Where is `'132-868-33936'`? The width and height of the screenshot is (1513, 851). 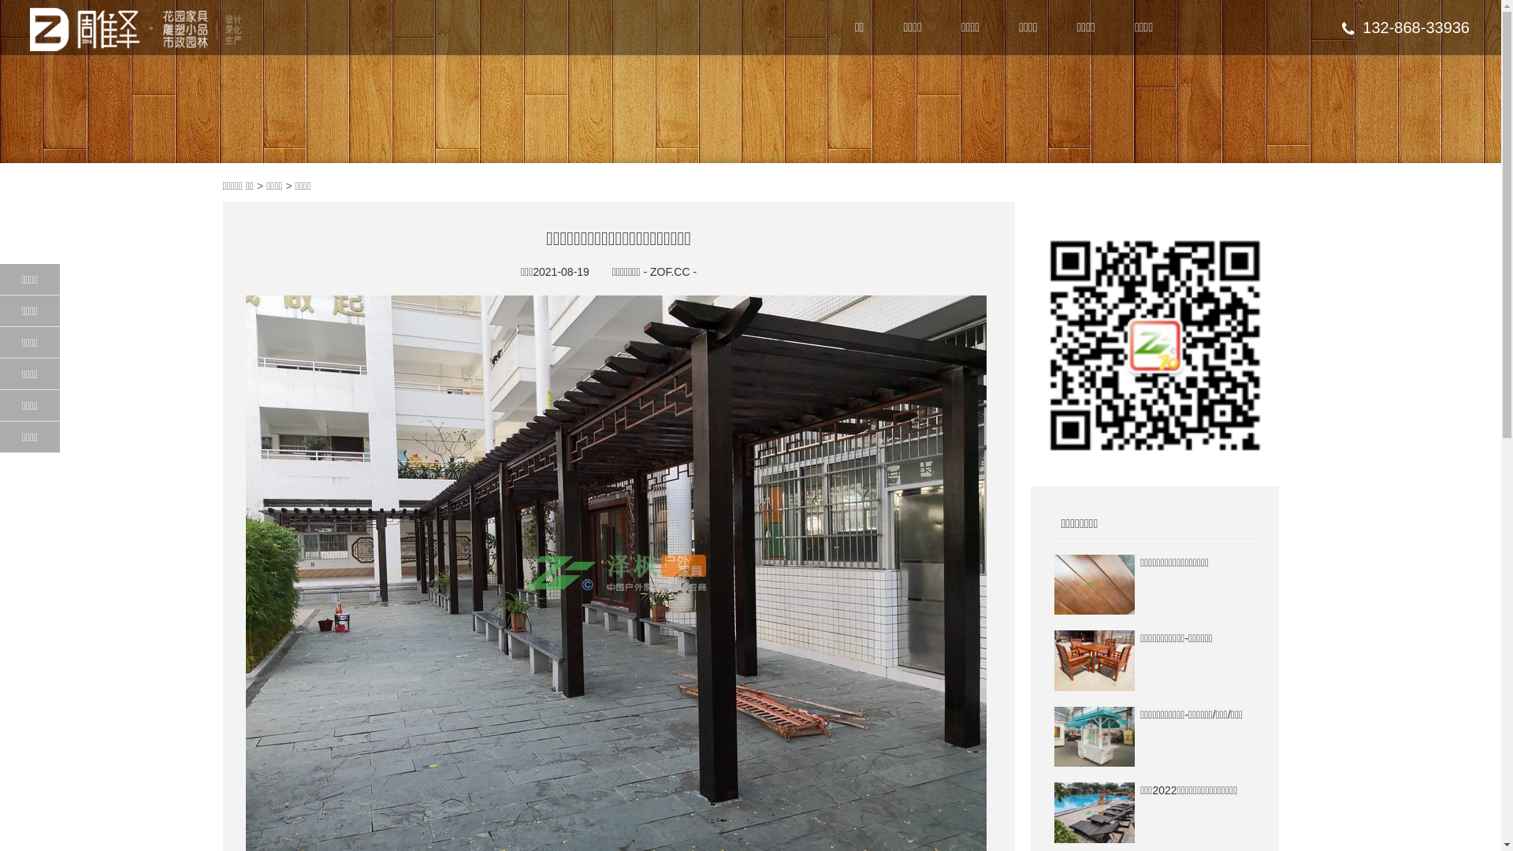 '132-868-33936' is located at coordinates (1406, 27).